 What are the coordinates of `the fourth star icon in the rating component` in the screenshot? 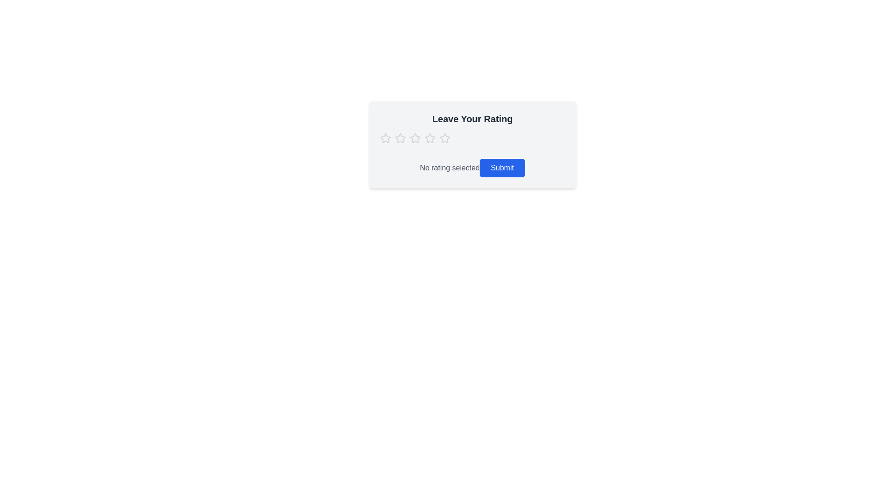 It's located at (429, 138).